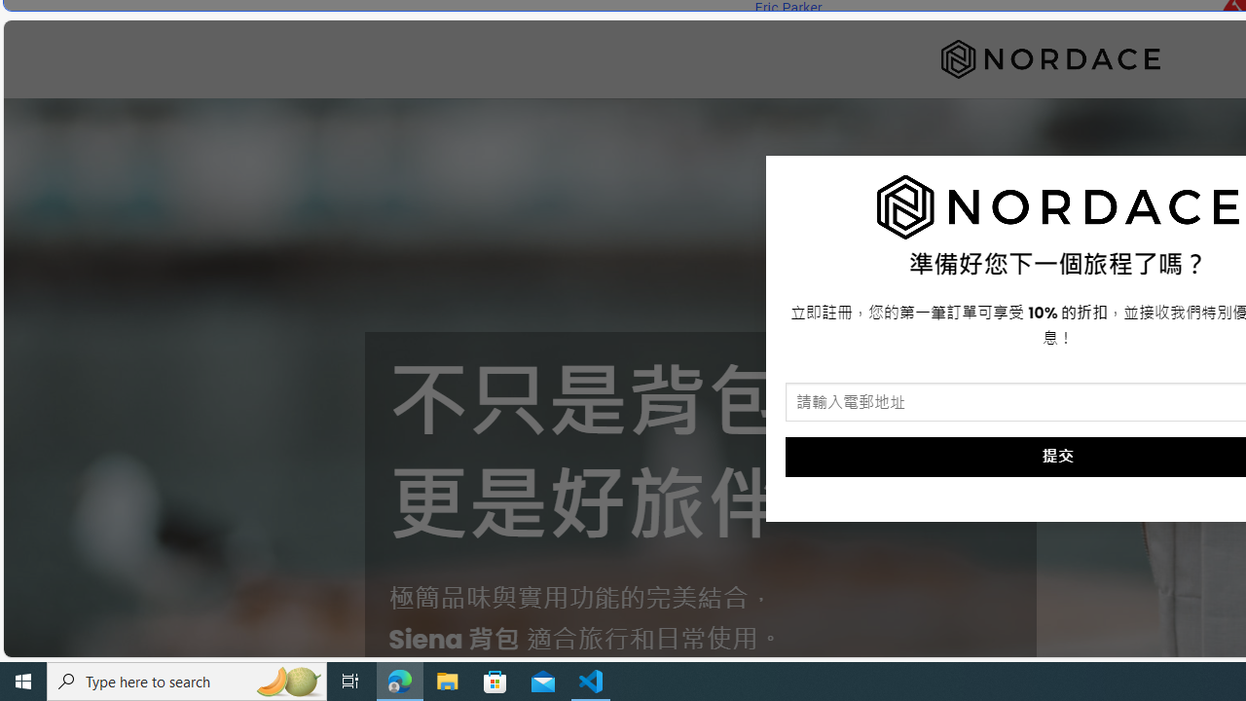  Describe the element at coordinates (1057, 207) in the screenshot. I see `'To get missing image descriptions, open the context menu.'` at that location.